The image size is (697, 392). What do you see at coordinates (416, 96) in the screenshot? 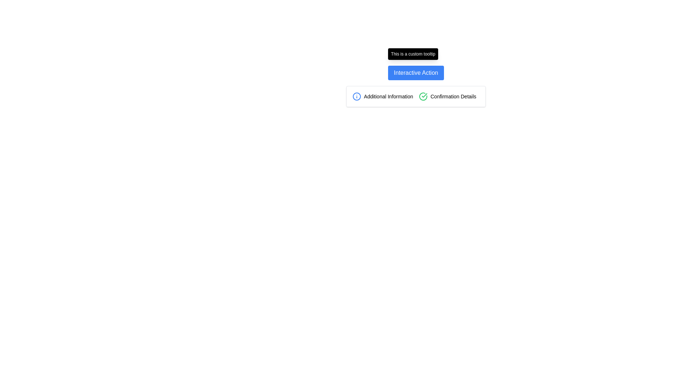
I see `the blue icon next to 'Additional Information' and the green check icon next to 'Confirmation Details'` at bounding box center [416, 96].